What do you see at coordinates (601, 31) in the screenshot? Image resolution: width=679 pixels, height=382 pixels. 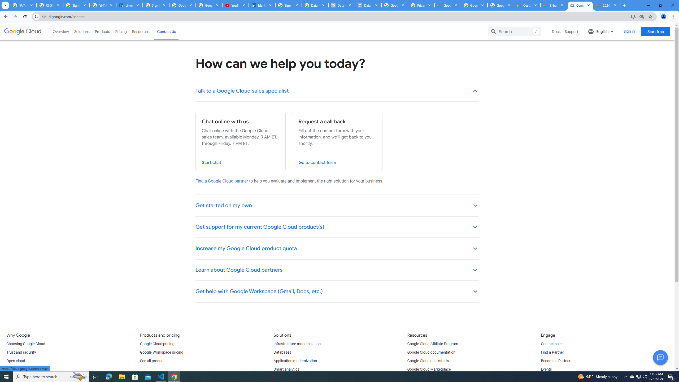 I see `'English'` at bounding box center [601, 31].